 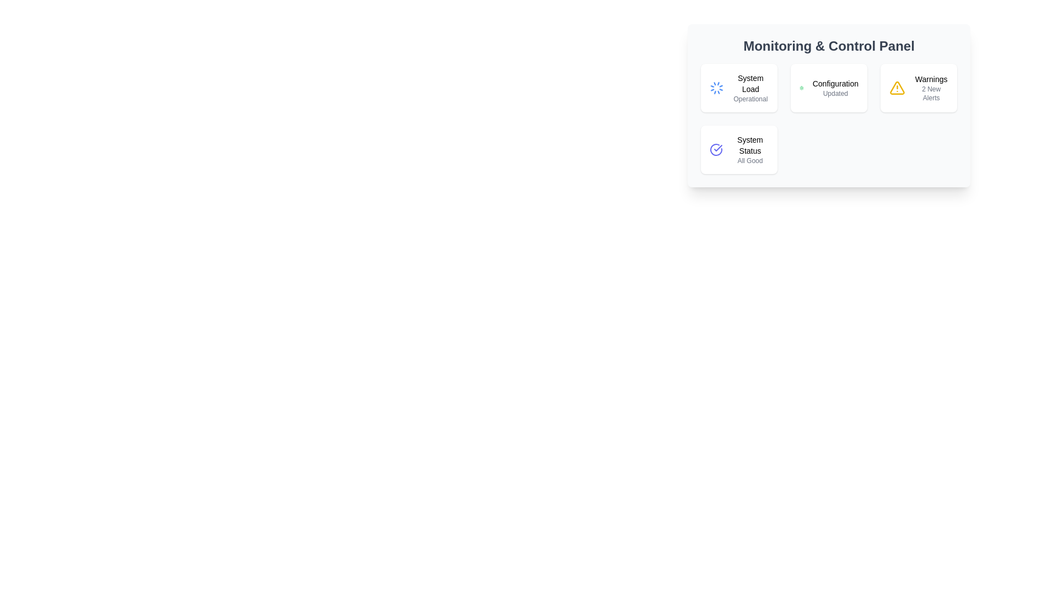 I want to click on the informational card that features a green gear icon, with the text 'Configuration' in bold above 'Updated', positioned centrally in the grid layout as the second card in the second row, so click(x=829, y=87).